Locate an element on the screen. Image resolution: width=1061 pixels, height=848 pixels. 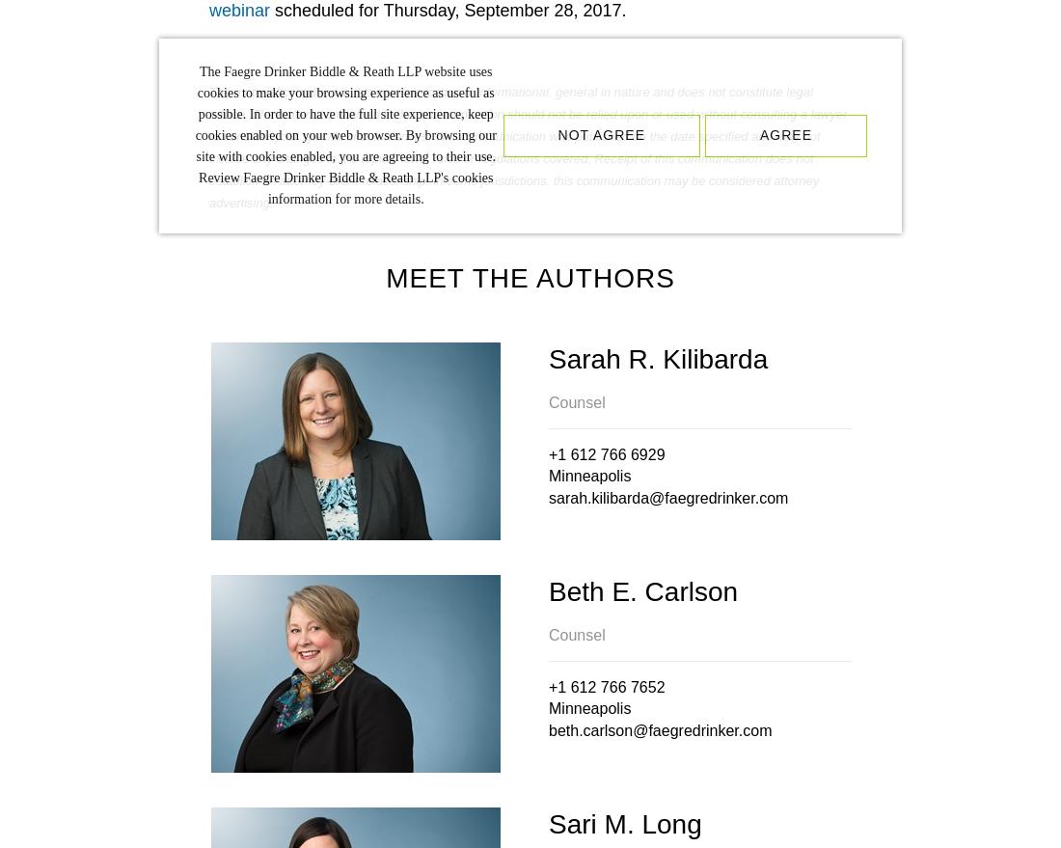
'The Faegre Drinker Biddle & Reath LLP website uses cookies to make your browsing experience as useful as possible. In order to have the full site experience, keep cookies enabled on your web browser. By browsing our site with cookies enabled, you are agreeing to their use. Review Faegre Drinker Biddle & Reath LLP's cookies information for more details.' is located at coordinates (345, 135).